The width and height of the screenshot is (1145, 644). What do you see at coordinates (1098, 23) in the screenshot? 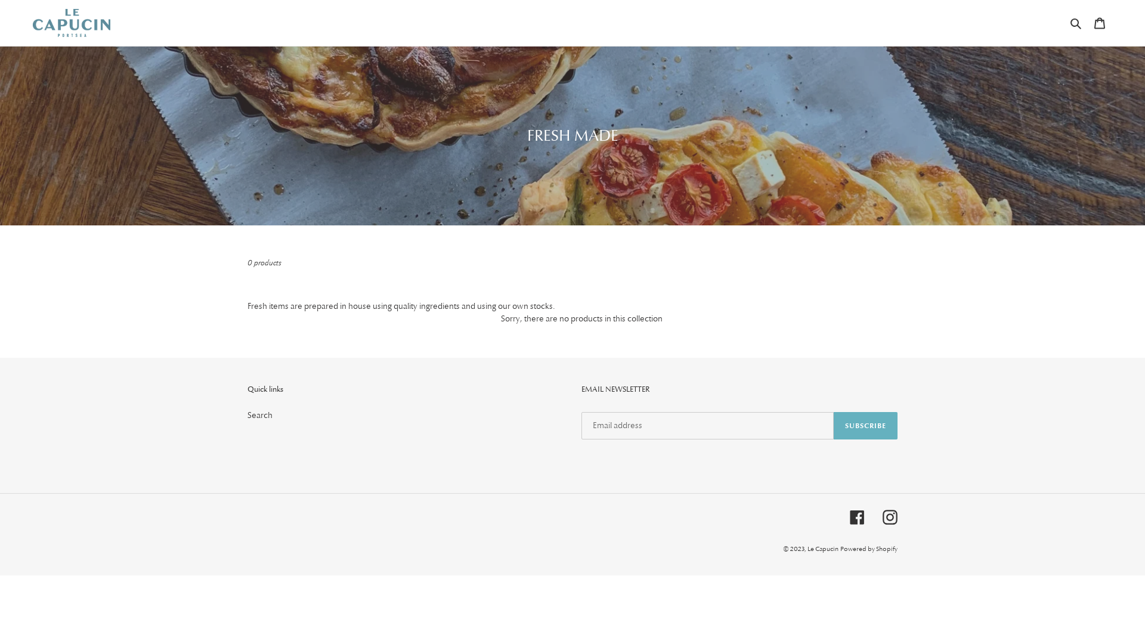
I see `'Cart'` at bounding box center [1098, 23].